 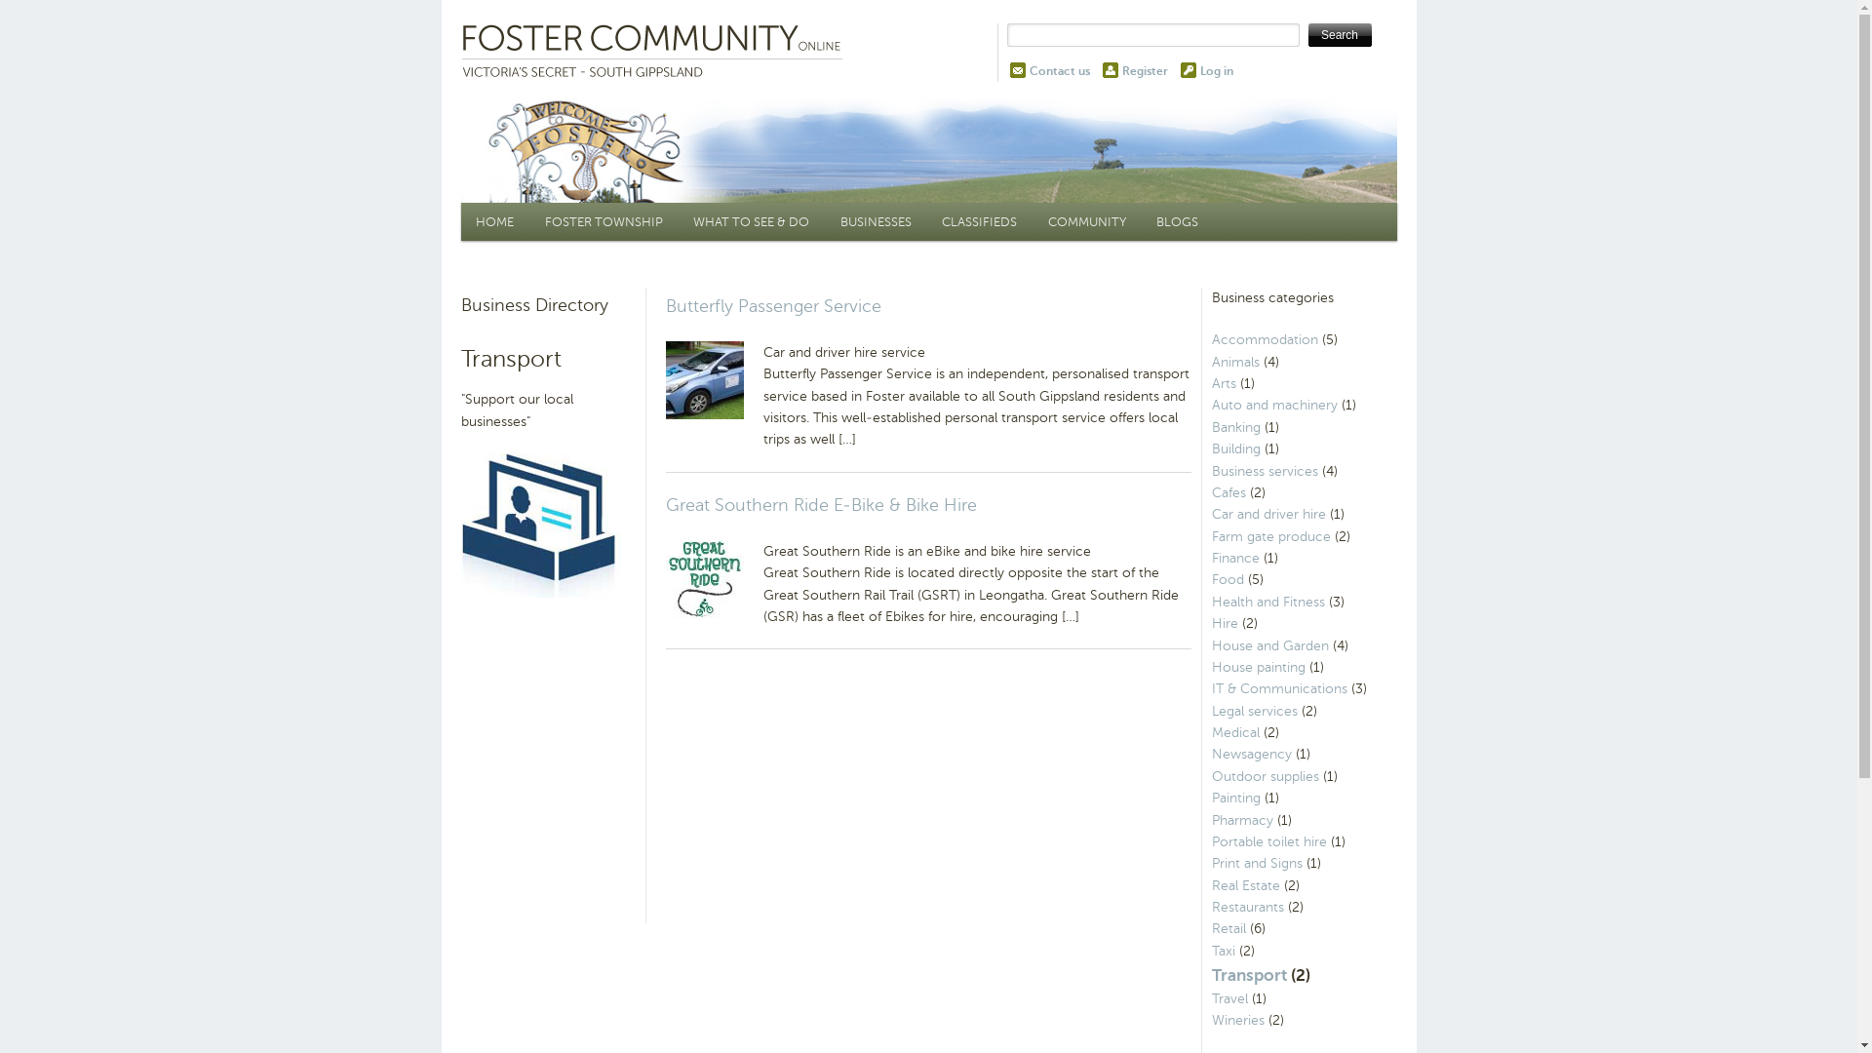 I want to click on 'Legal services', so click(x=1210, y=711).